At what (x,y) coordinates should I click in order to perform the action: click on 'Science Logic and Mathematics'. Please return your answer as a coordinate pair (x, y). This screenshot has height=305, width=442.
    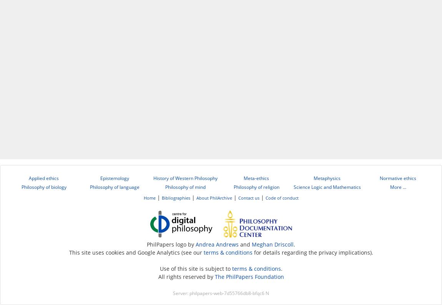
    Looking at the image, I should click on (326, 187).